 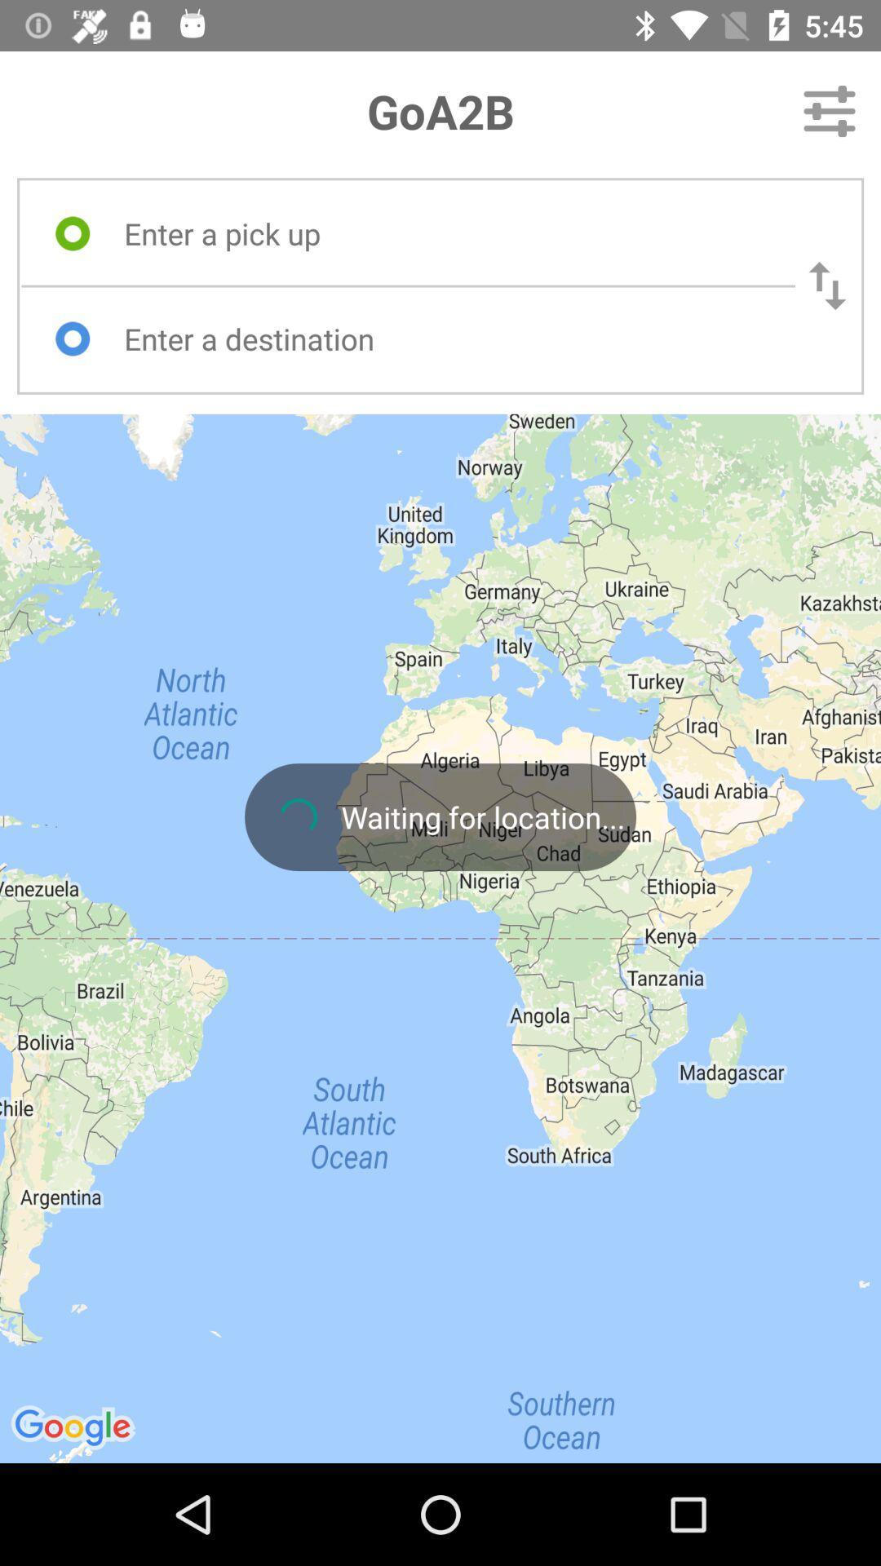 I want to click on find directions, so click(x=445, y=338).